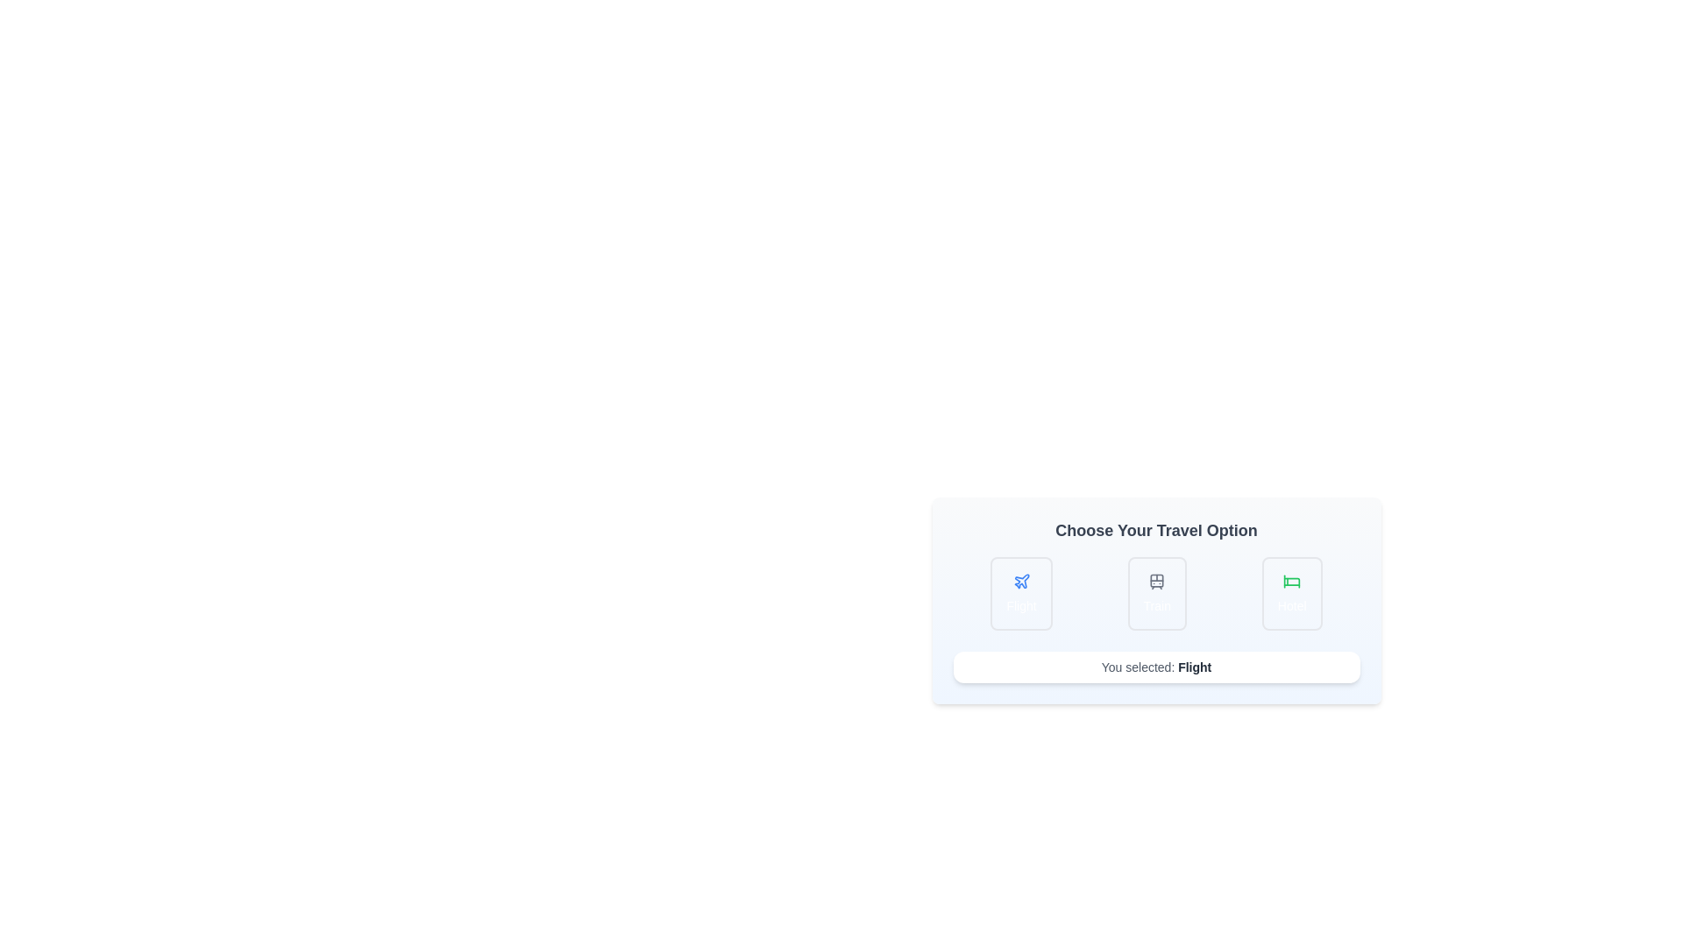 The image size is (1683, 946). Describe the element at coordinates (1194, 667) in the screenshot. I see `static text label displaying 'Flight' in bold, dark gray color, which is aligned horizontally to the right of 'You selected:' in the lower area of the interface` at that location.